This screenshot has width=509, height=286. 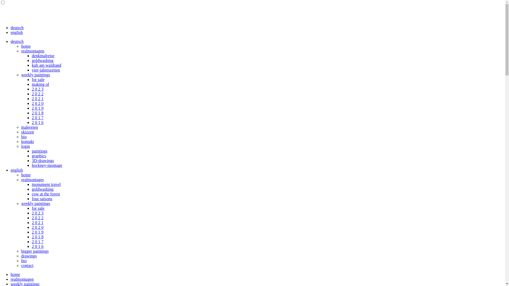 I want to click on '2 0 2 3', so click(x=37, y=89).